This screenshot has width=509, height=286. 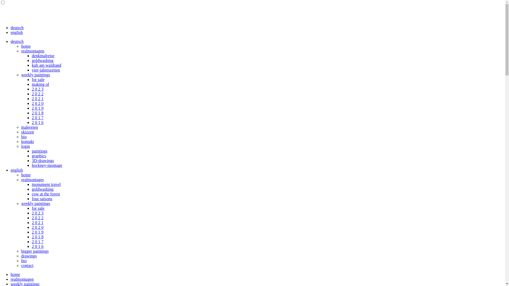 I want to click on '2 0 2 3', so click(x=37, y=89).